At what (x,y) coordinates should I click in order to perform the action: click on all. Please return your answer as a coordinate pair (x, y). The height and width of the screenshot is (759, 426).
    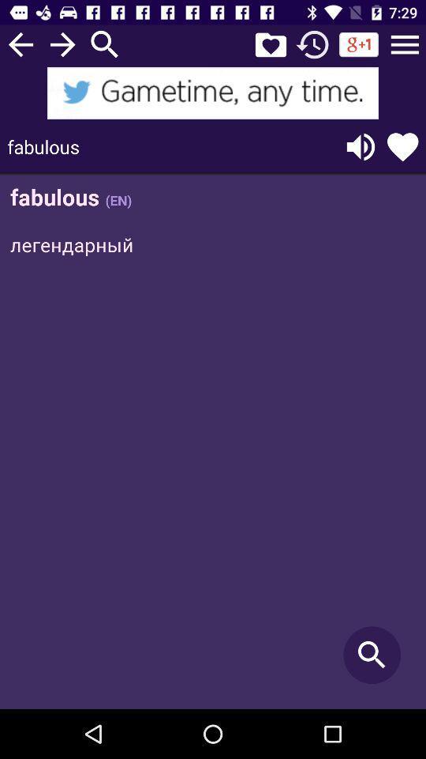
    Looking at the image, I should click on (405, 43).